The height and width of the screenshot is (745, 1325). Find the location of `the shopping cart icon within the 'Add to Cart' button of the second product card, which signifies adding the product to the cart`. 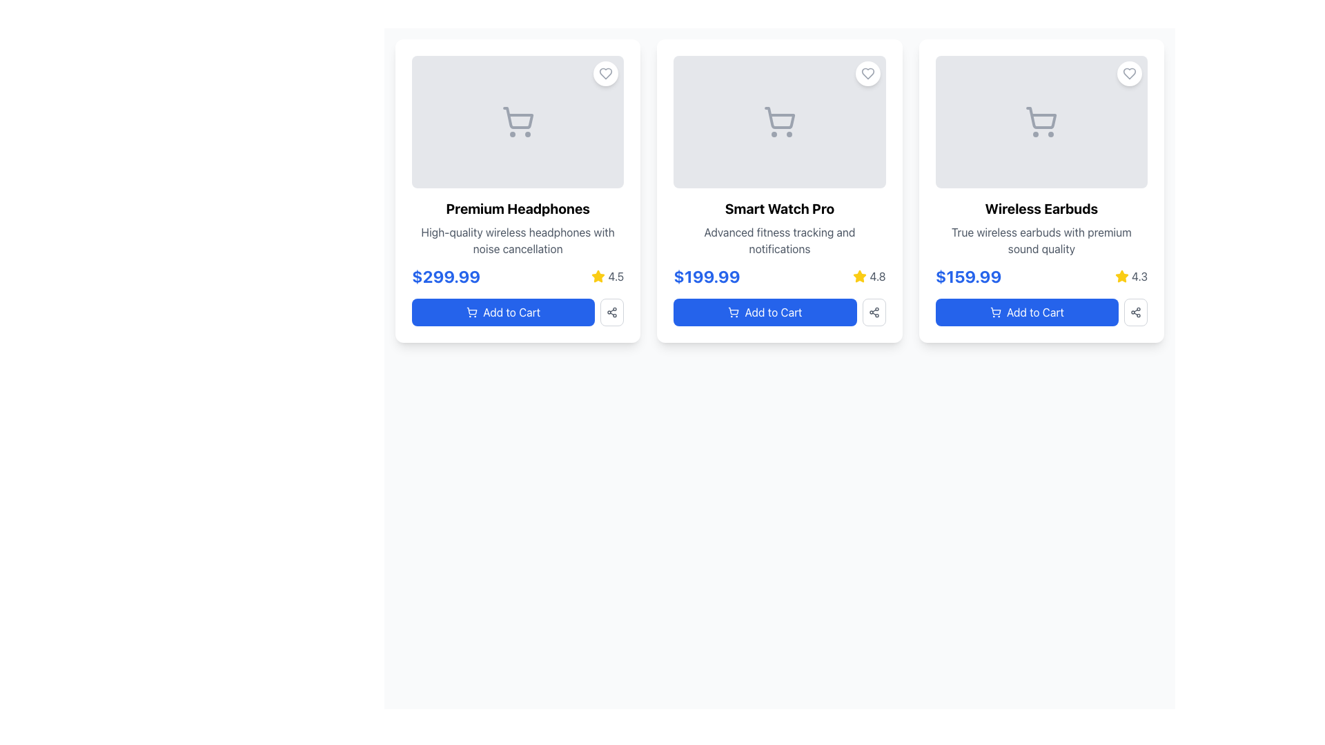

the shopping cart icon within the 'Add to Cart' button of the second product card, which signifies adding the product to the cart is located at coordinates (733, 312).